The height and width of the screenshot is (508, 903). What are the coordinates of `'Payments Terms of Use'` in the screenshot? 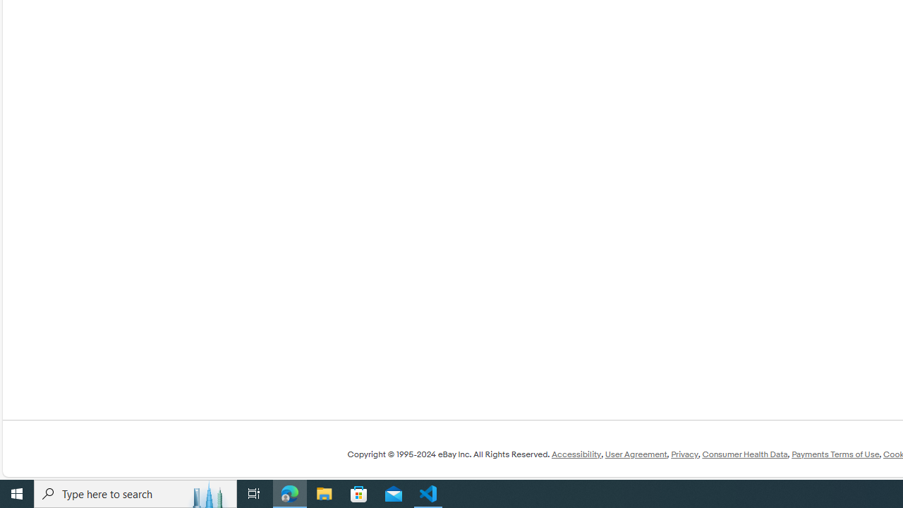 It's located at (835, 454).